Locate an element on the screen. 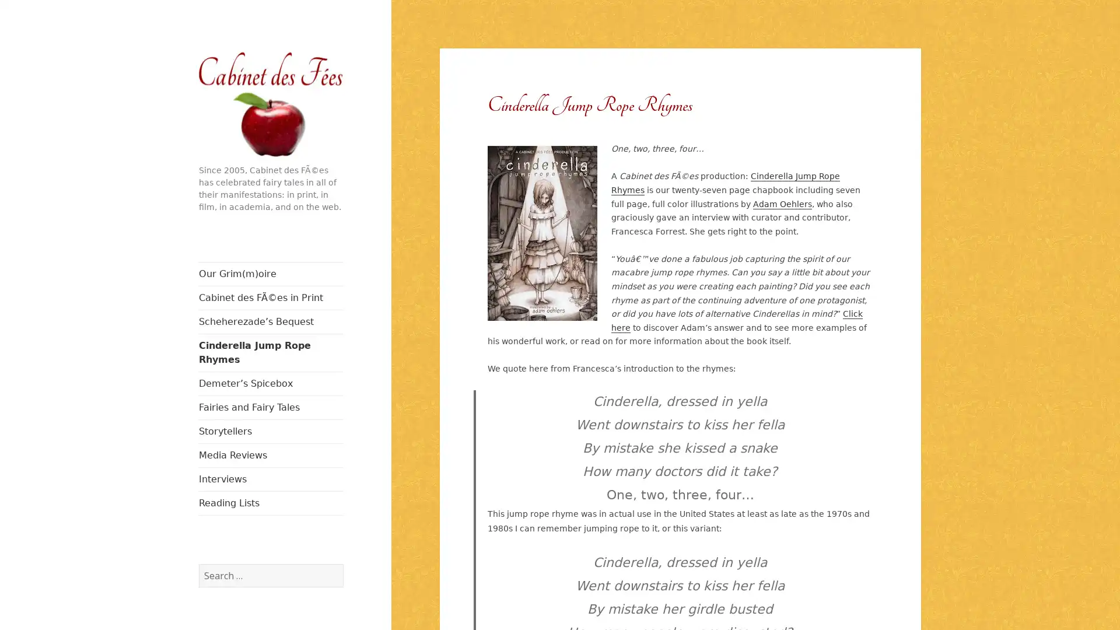 The image size is (1120, 630). Search is located at coordinates (342, 562).